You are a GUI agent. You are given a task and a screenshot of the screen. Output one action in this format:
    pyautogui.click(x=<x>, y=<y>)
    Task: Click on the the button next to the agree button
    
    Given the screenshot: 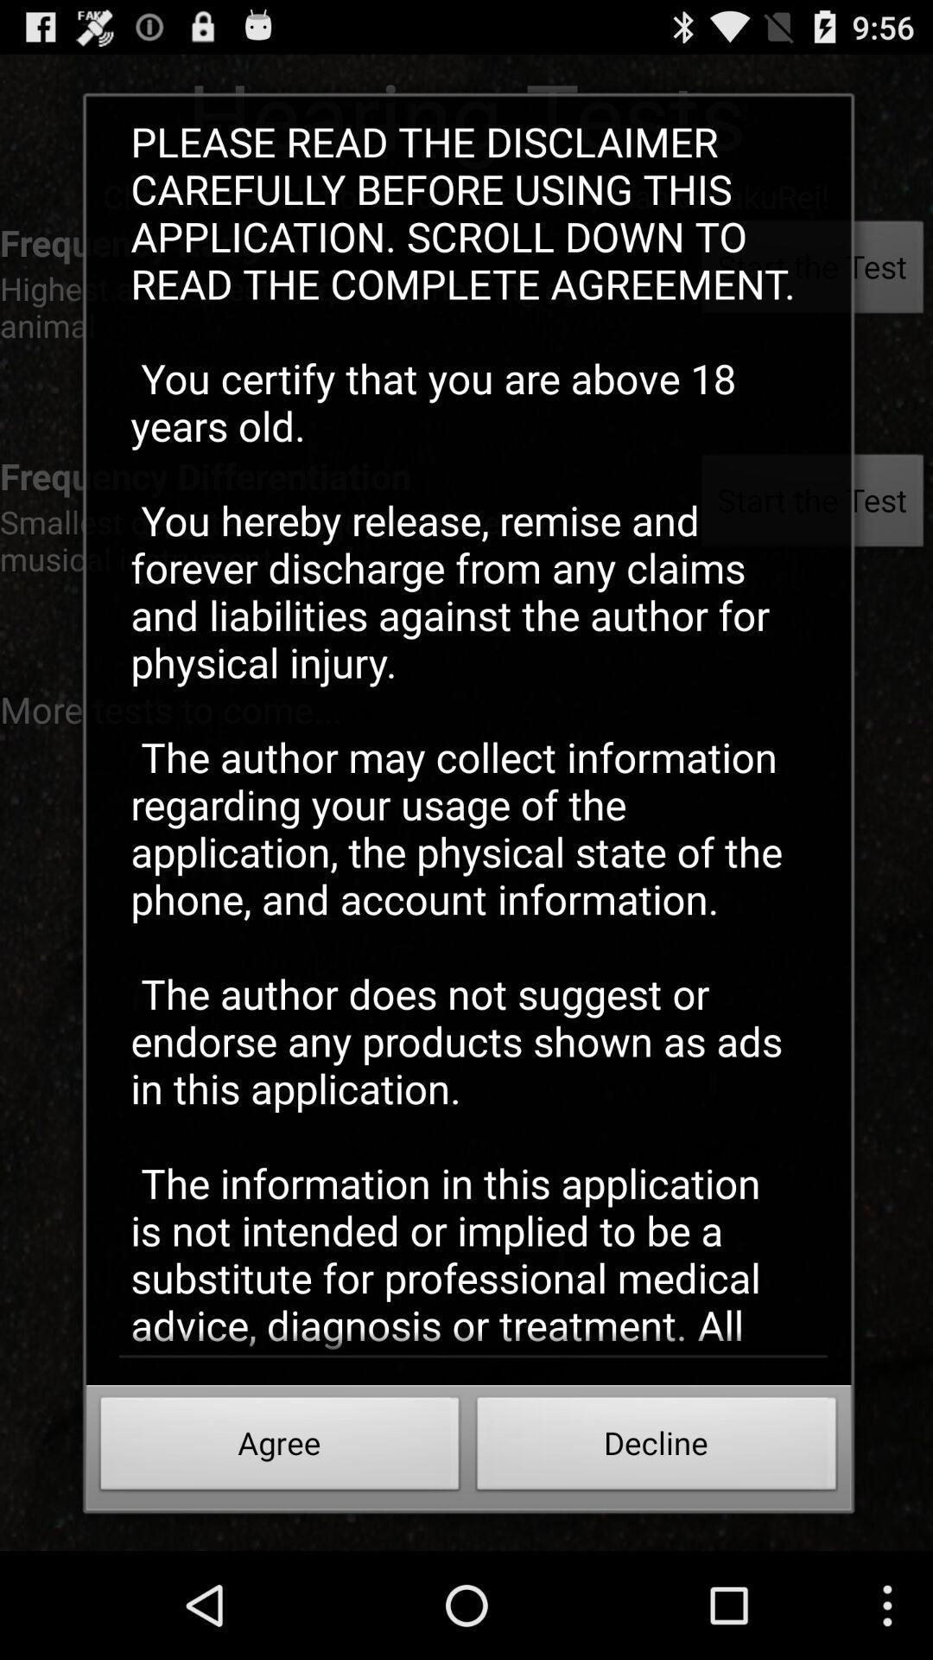 What is the action you would take?
    pyautogui.click(x=657, y=1448)
    